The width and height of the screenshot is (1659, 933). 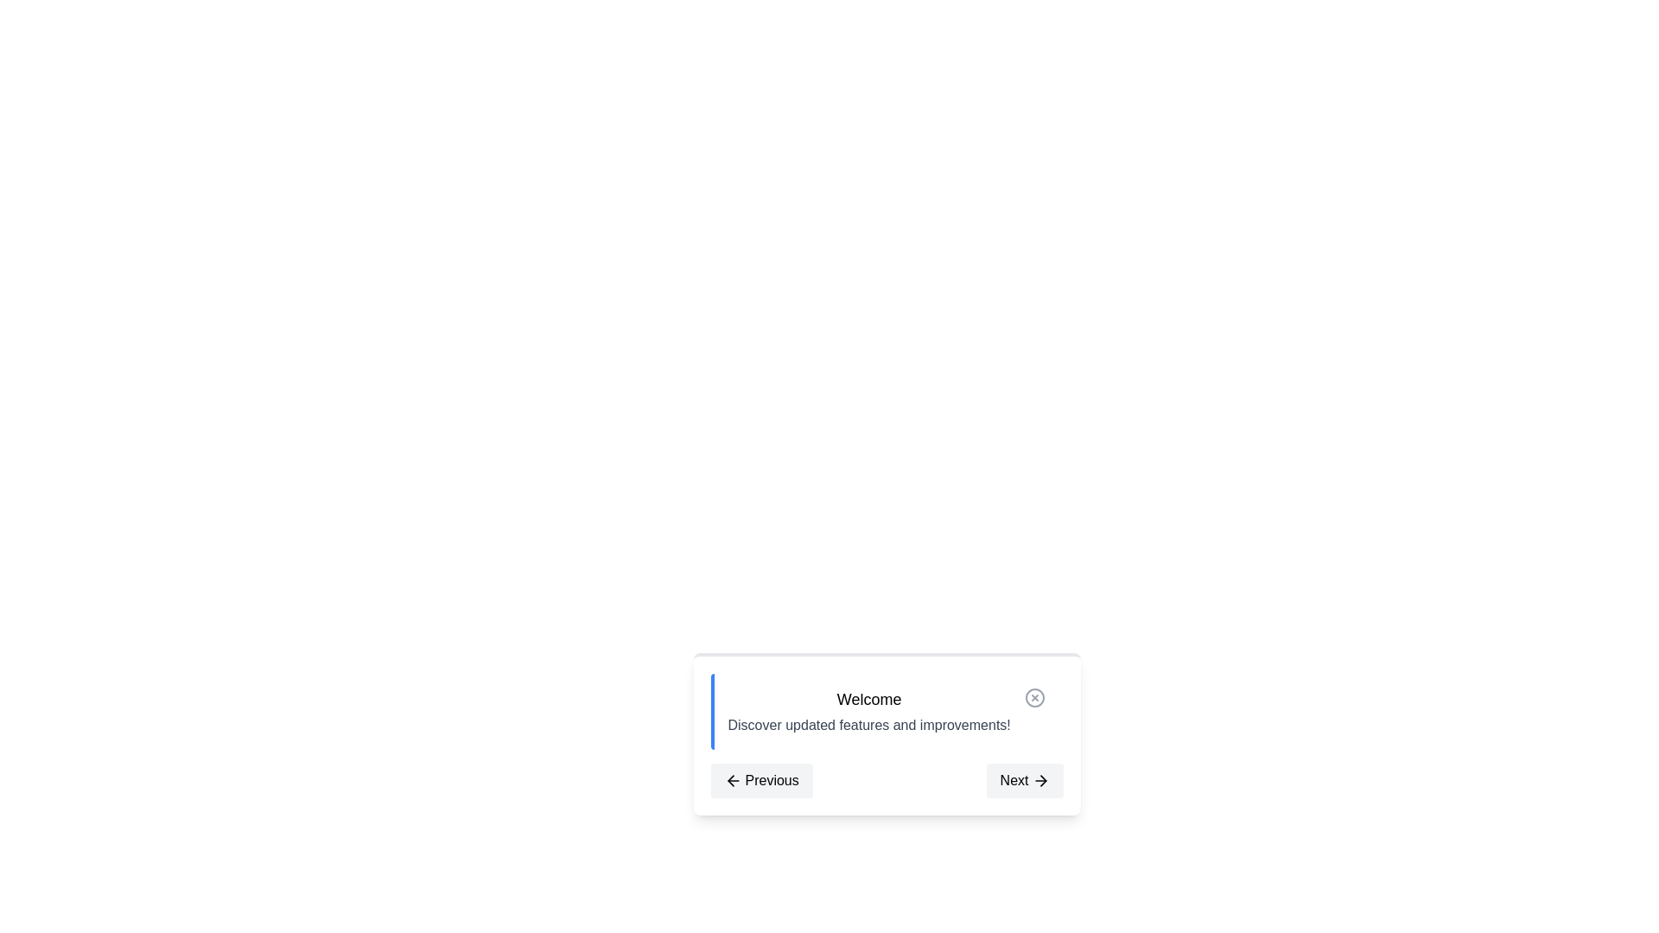 What do you see at coordinates (1034, 696) in the screenshot?
I see `the circular close icon with a cross-mark embedded within it, located at the lower center of the interface, adjacent to the 'Welcome' text` at bounding box center [1034, 696].